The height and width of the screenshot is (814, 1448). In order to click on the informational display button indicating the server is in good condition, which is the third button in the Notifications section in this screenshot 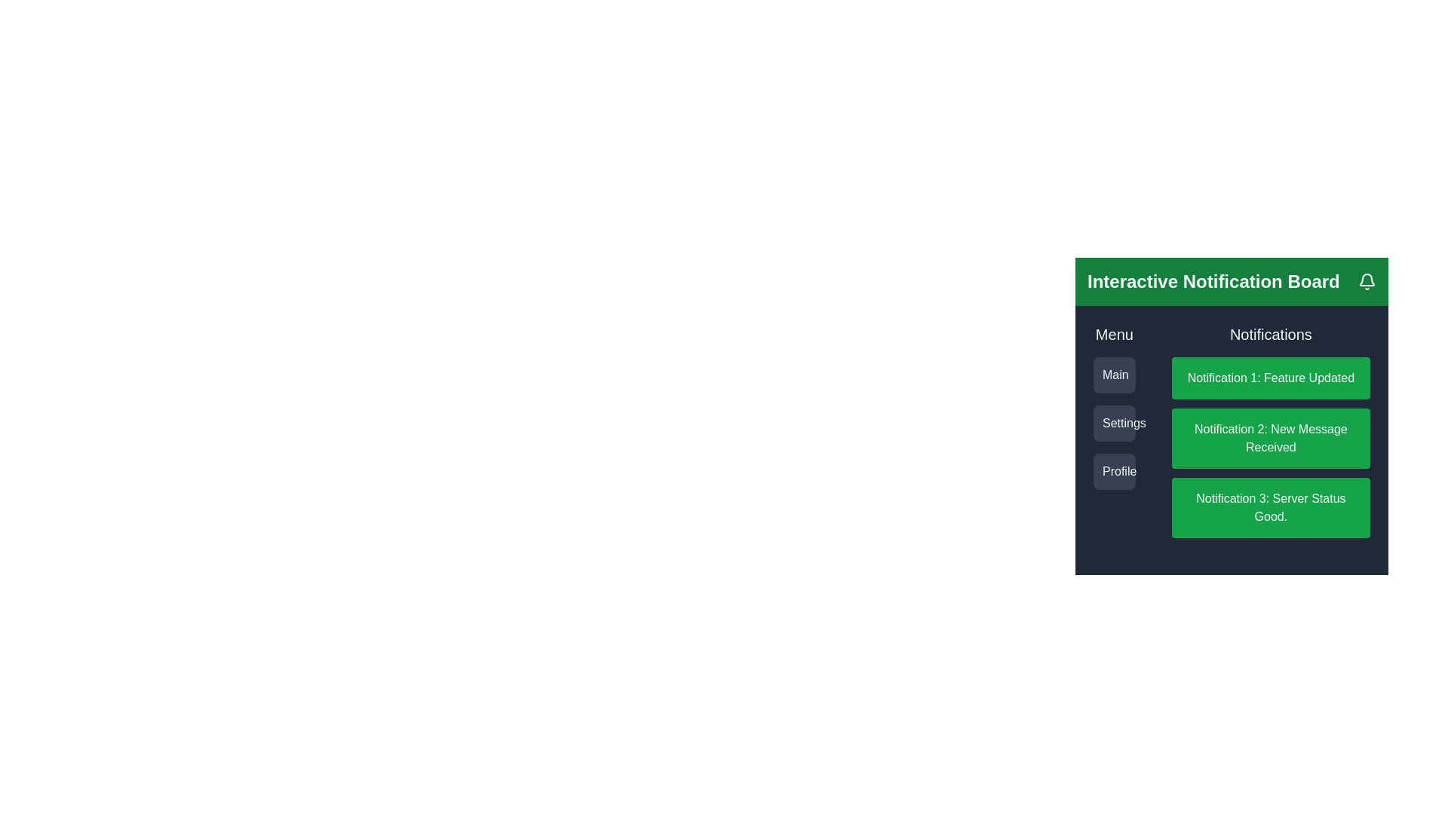, I will do `click(1270, 508)`.